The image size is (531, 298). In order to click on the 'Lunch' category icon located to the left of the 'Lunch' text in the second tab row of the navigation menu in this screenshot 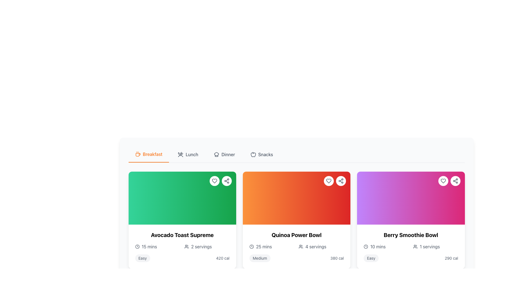, I will do `click(181, 154)`.